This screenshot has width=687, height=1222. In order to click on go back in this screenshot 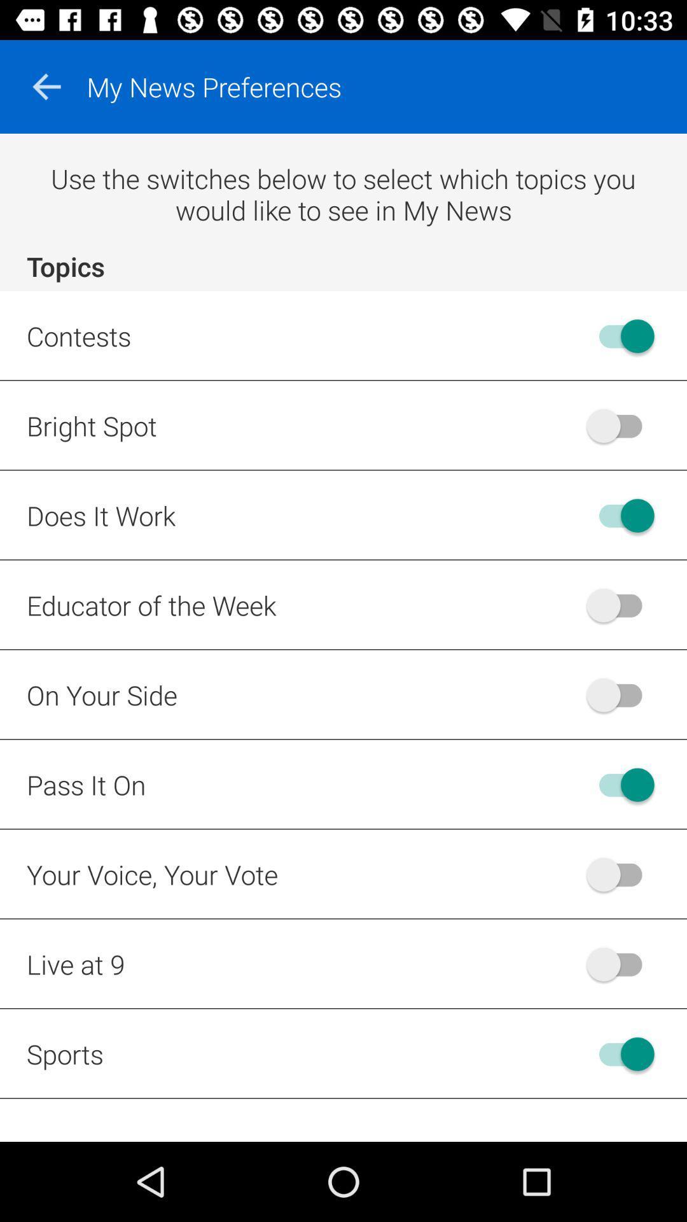, I will do `click(46, 86)`.